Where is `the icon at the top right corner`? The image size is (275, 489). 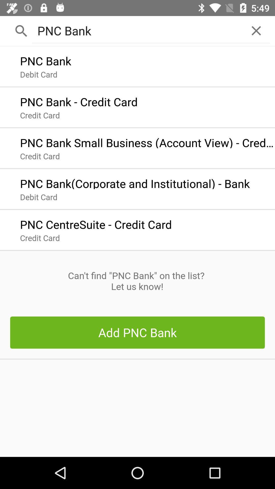 the icon at the top right corner is located at coordinates (256, 30).